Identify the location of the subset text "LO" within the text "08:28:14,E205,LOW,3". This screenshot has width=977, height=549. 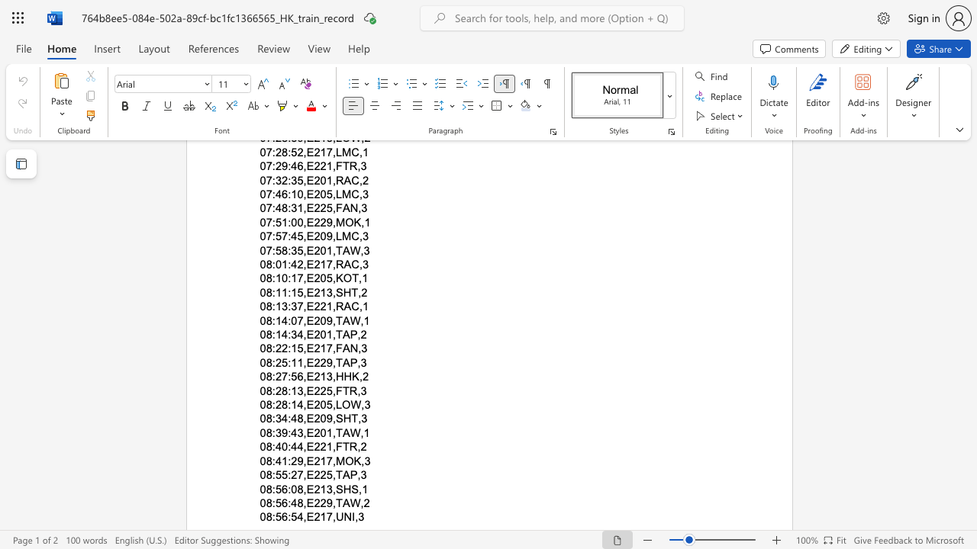
(334, 404).